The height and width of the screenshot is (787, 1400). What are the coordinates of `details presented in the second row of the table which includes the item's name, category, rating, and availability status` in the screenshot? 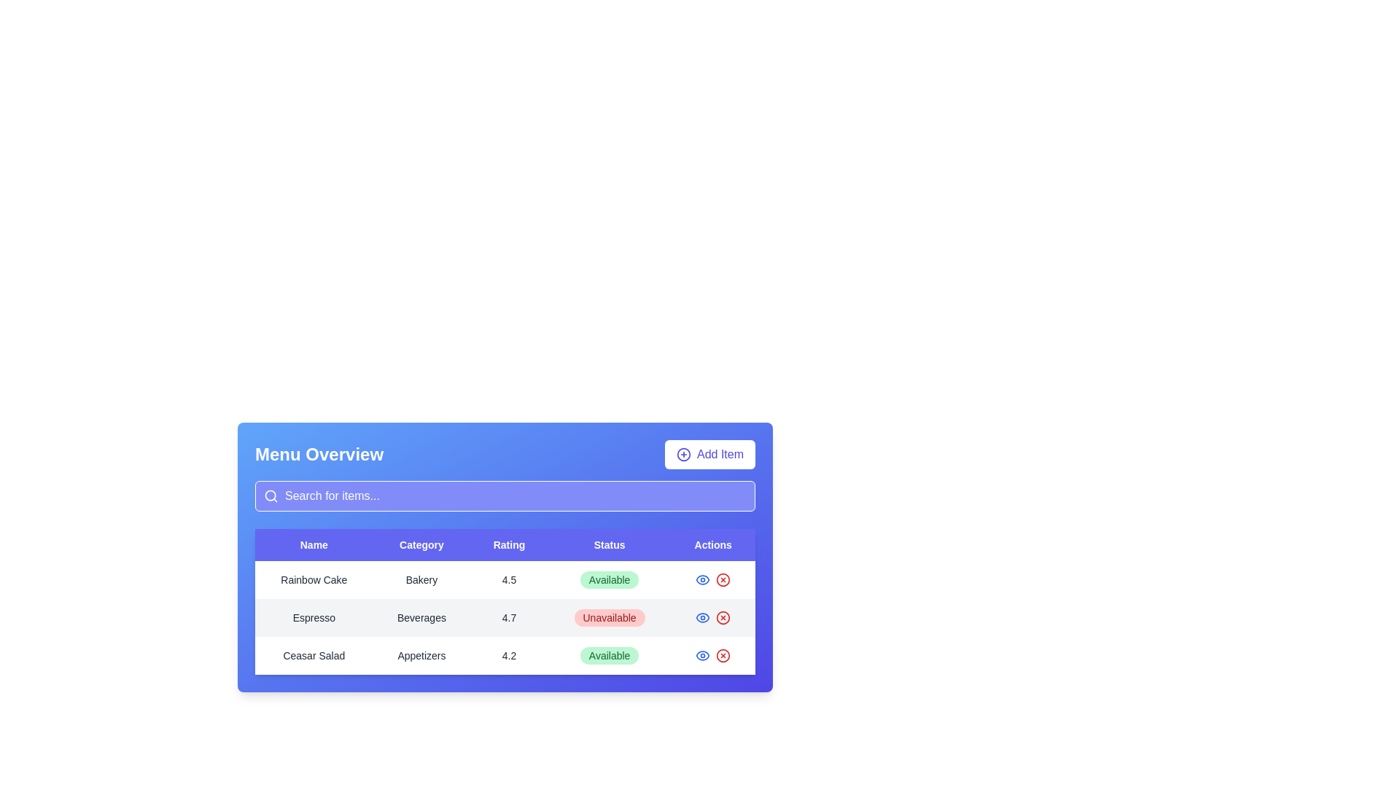 It's located at (505, 618).